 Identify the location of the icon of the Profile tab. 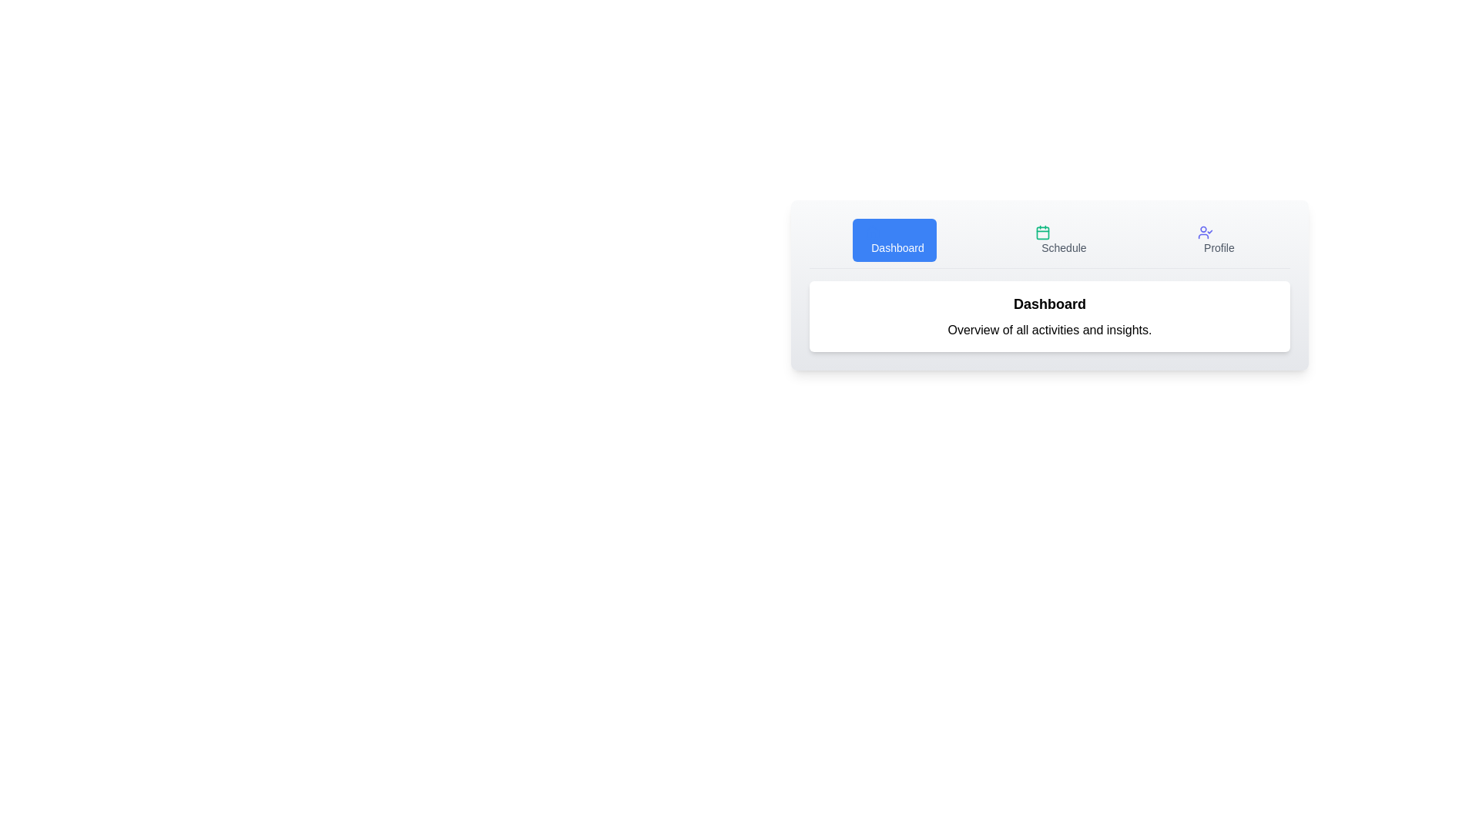
(1204, 232).